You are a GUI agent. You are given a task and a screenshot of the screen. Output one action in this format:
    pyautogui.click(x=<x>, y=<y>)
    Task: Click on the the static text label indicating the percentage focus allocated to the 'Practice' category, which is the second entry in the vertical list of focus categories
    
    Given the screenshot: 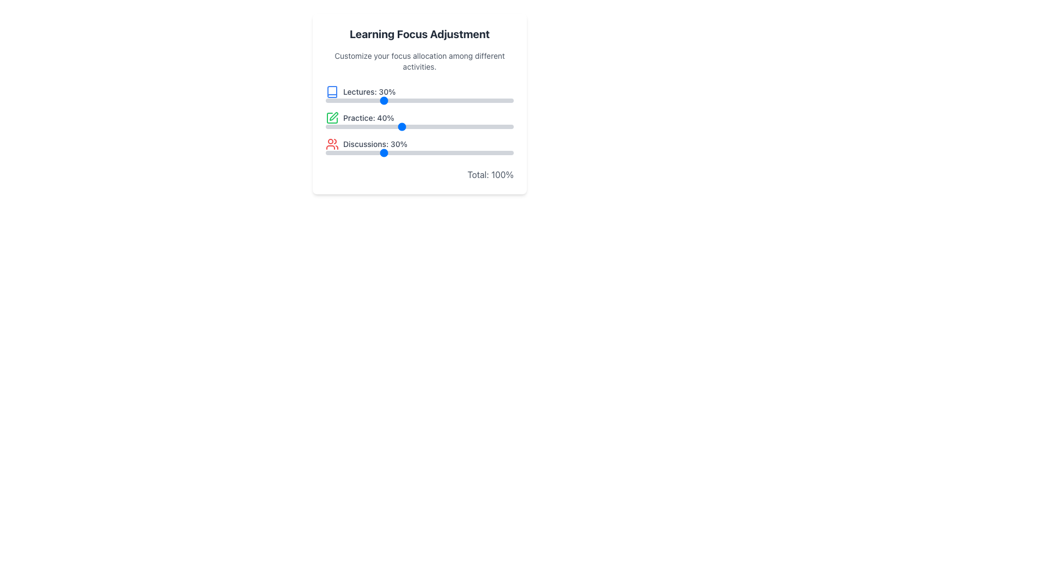 What is the action you would take?
    pyautogui.click(x=368, y=118)
    